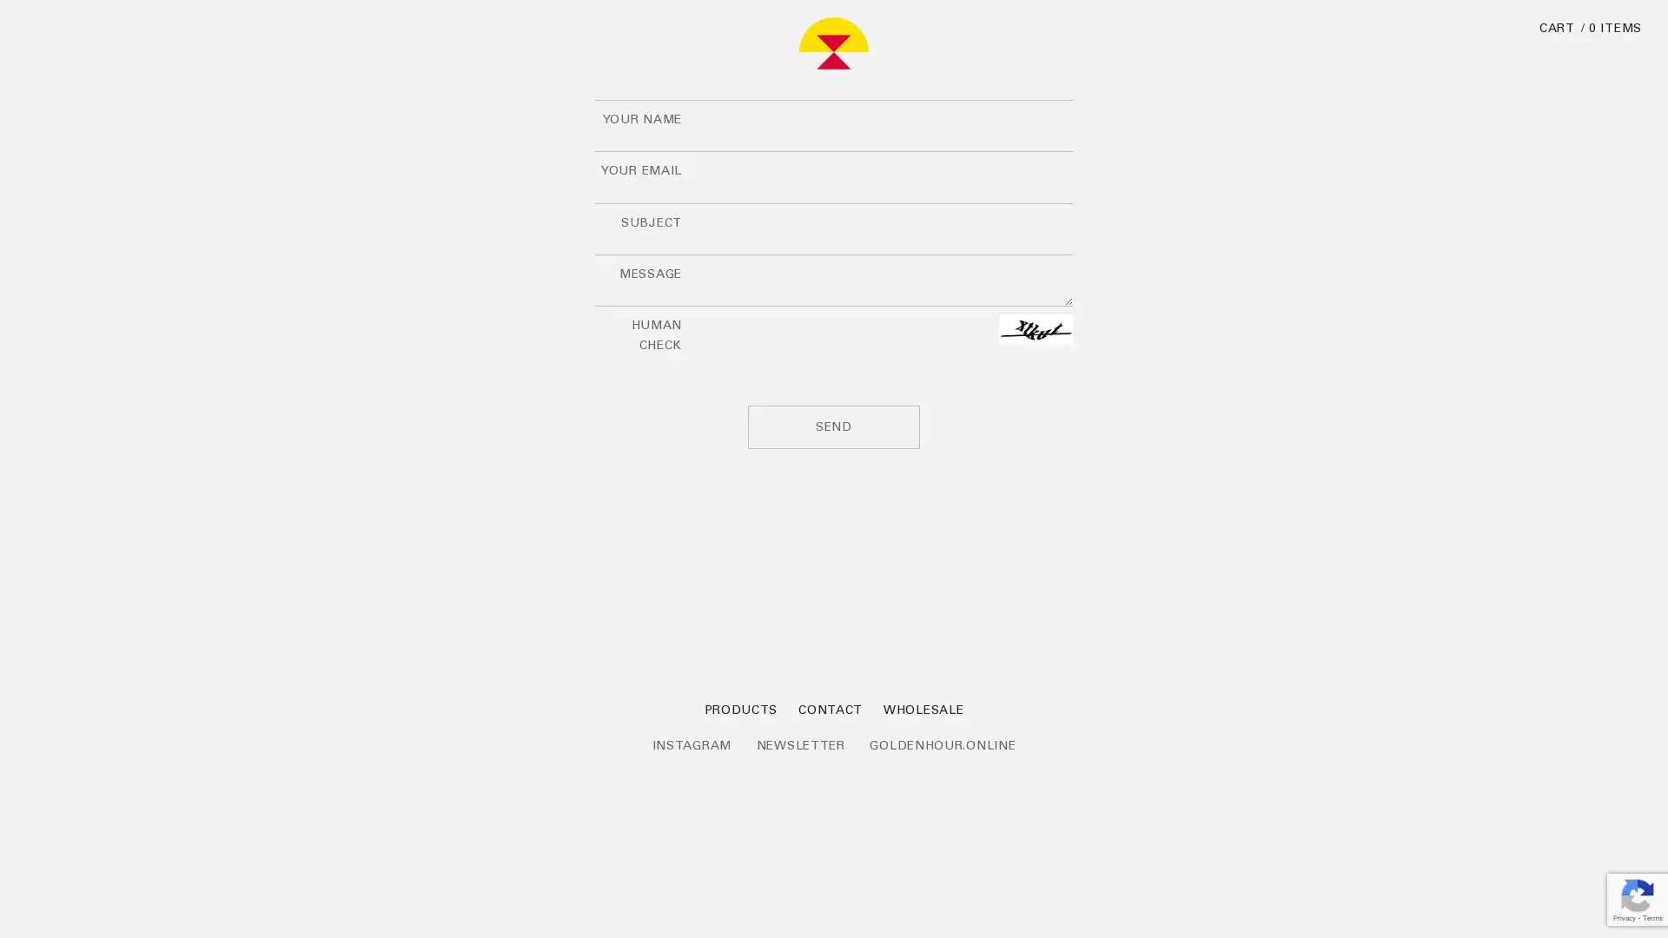  What do you see at coordinates (834, 426) in the screenshot?
I see `SEND` at bounding box center [834, 426].